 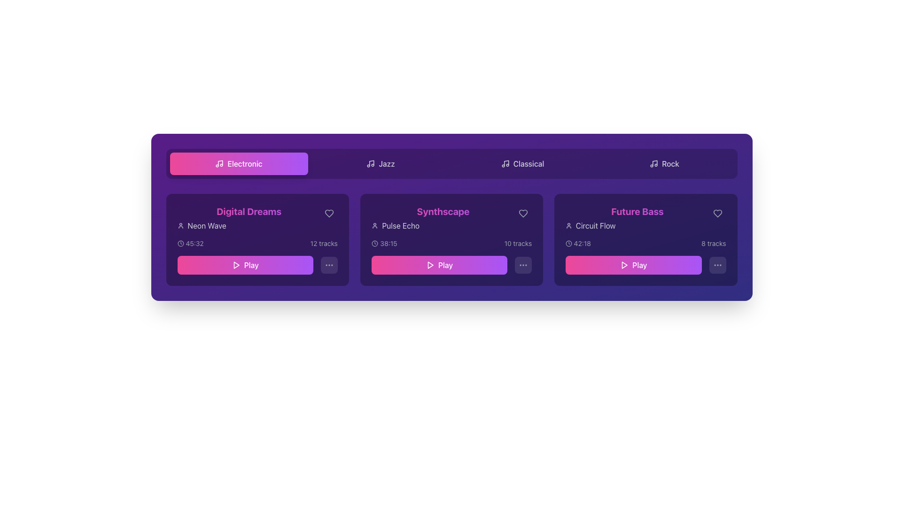 What do you see at coordinates (653, 163) in the screenshot?
I see `the 'Rock' genre icon in the horizontal navigation bar, located to the left of the 'Rock' text label` at bounding box center [653, 163].